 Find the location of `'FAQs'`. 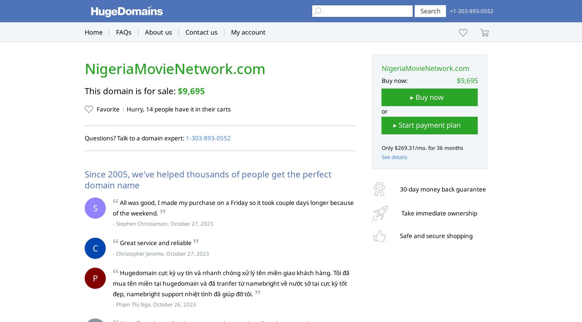

'FAQs' is located at coordinates (123, 32).